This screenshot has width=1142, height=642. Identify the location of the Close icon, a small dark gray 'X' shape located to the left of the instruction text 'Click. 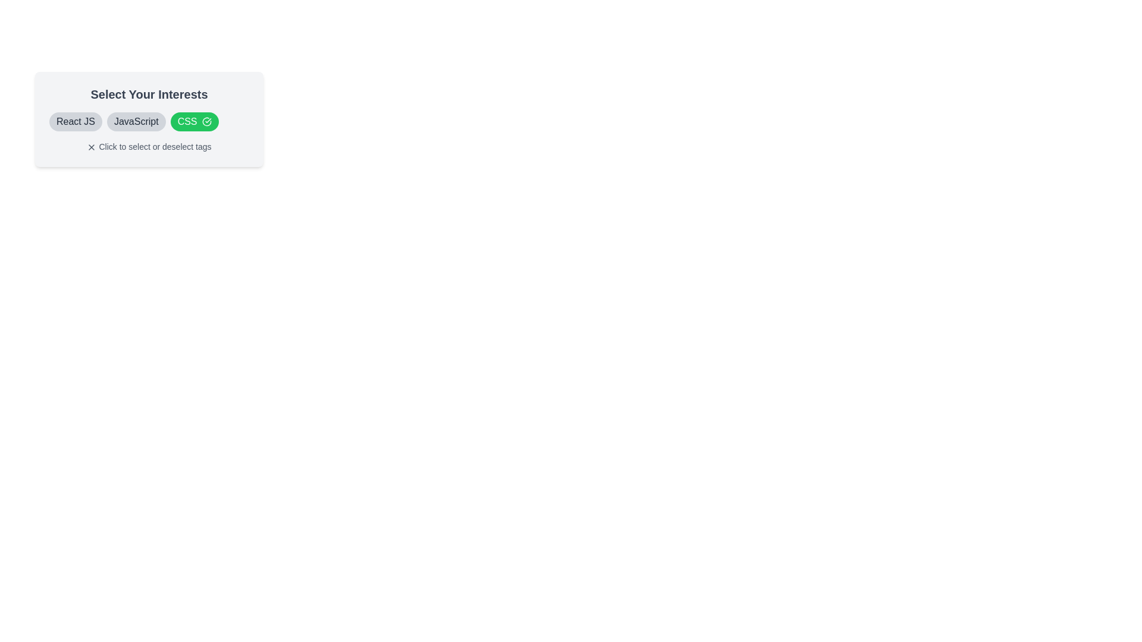
(91, 147).